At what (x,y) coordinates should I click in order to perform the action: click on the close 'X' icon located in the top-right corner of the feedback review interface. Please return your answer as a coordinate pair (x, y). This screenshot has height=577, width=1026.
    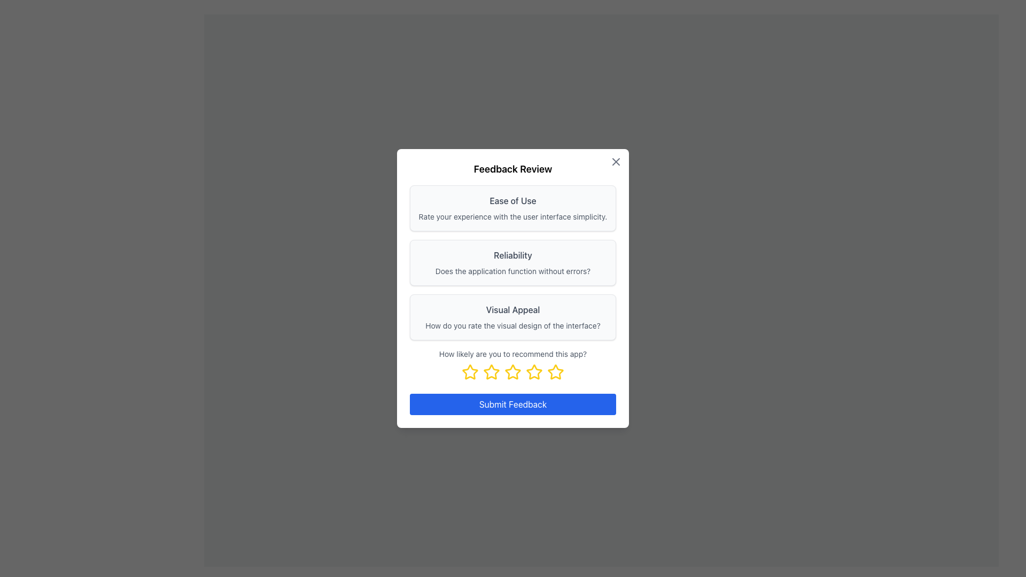
    Looking at the image, I should click on (616, 162).